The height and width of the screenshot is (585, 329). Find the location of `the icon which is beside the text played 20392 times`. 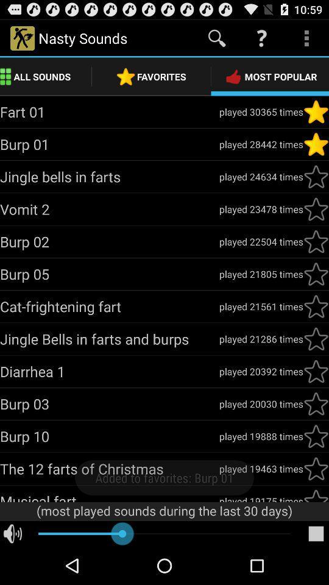

the icon which is beside the text played 20392 times is located at coordinates (316, 370).